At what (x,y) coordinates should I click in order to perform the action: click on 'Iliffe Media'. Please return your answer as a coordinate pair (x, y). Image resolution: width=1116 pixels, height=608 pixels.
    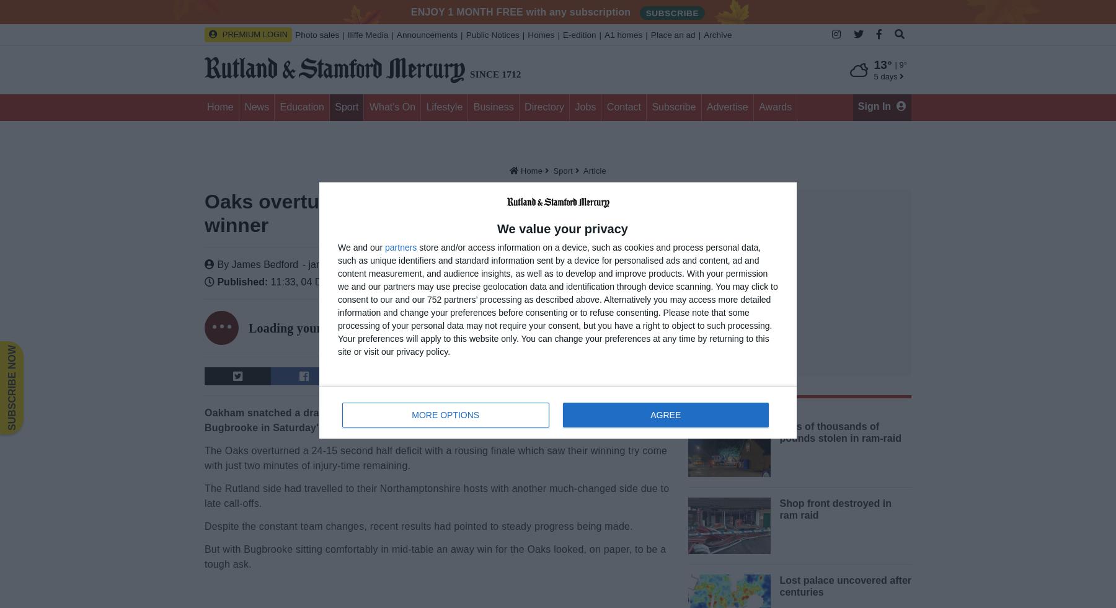
    Looking at the image, I should click on (367, 35).